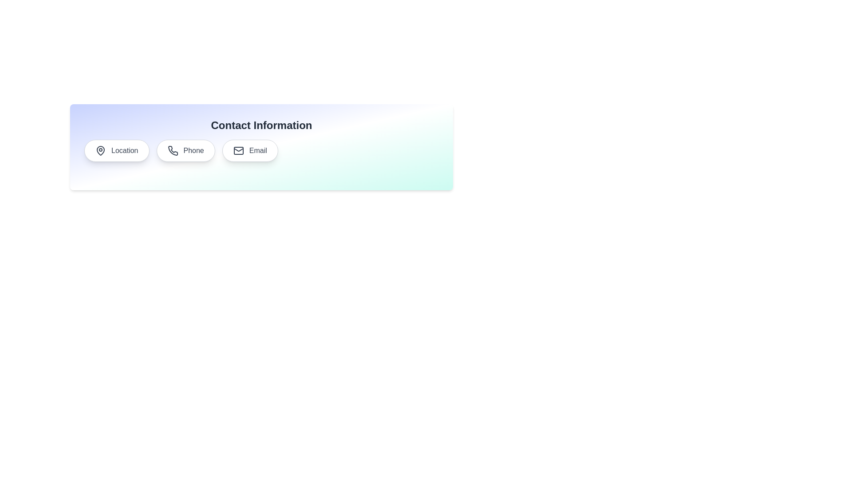 The width and height of the screenshot is (852, 479). I want to click on the Location chip to display its contact information, so click(116, 150).